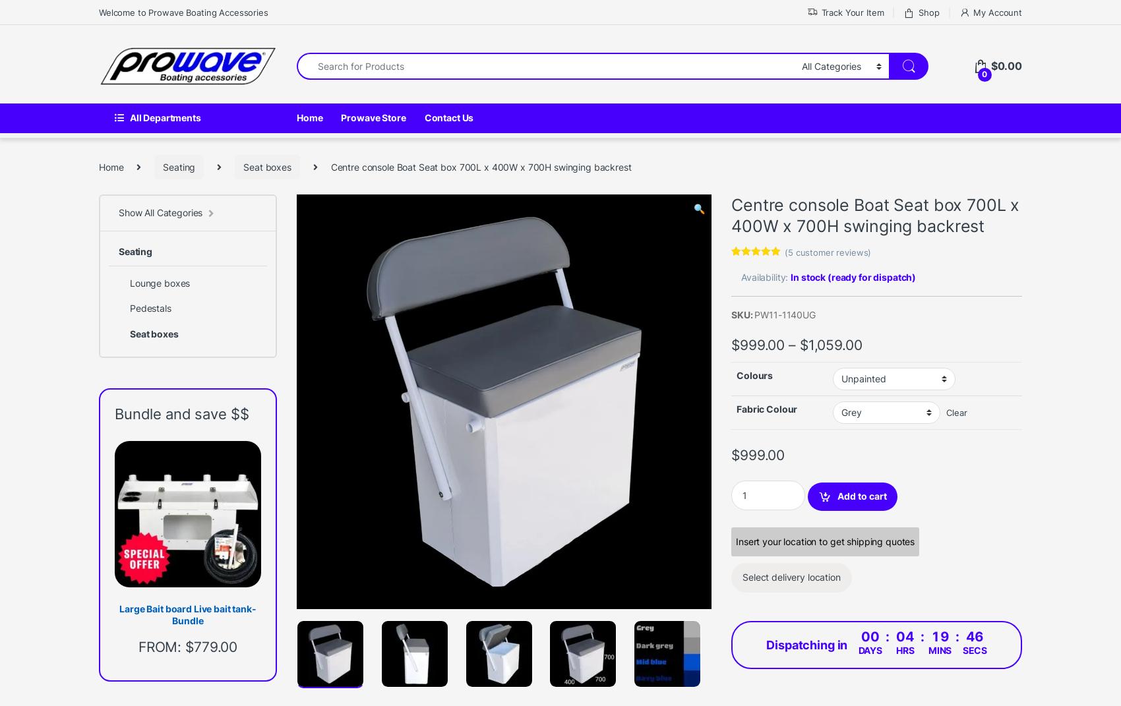 Image resolution: width=1121 pixels, height=706 pixels. What do you see at coordinates (516, 683) in the screenshot?
I see `'Live bait tanks'` at bounding box center [516, 683].